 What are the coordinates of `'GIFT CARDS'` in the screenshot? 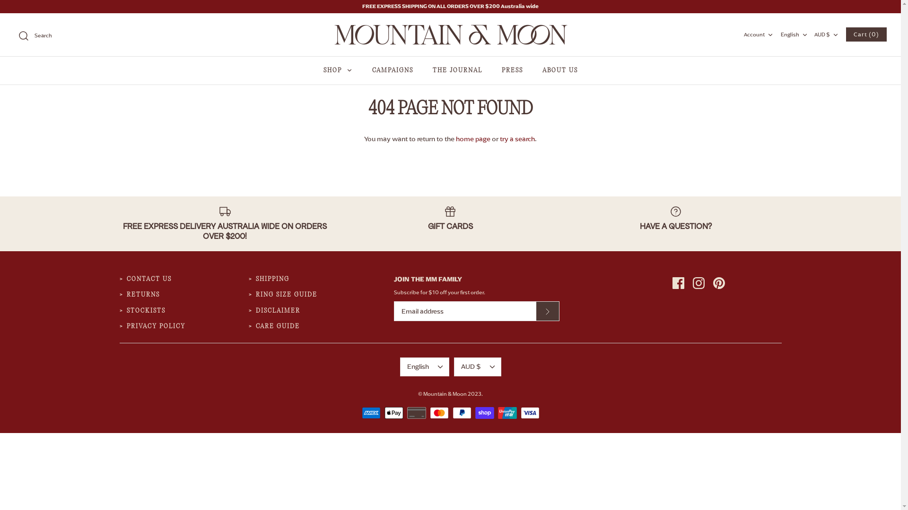 It's located at (450, 219).